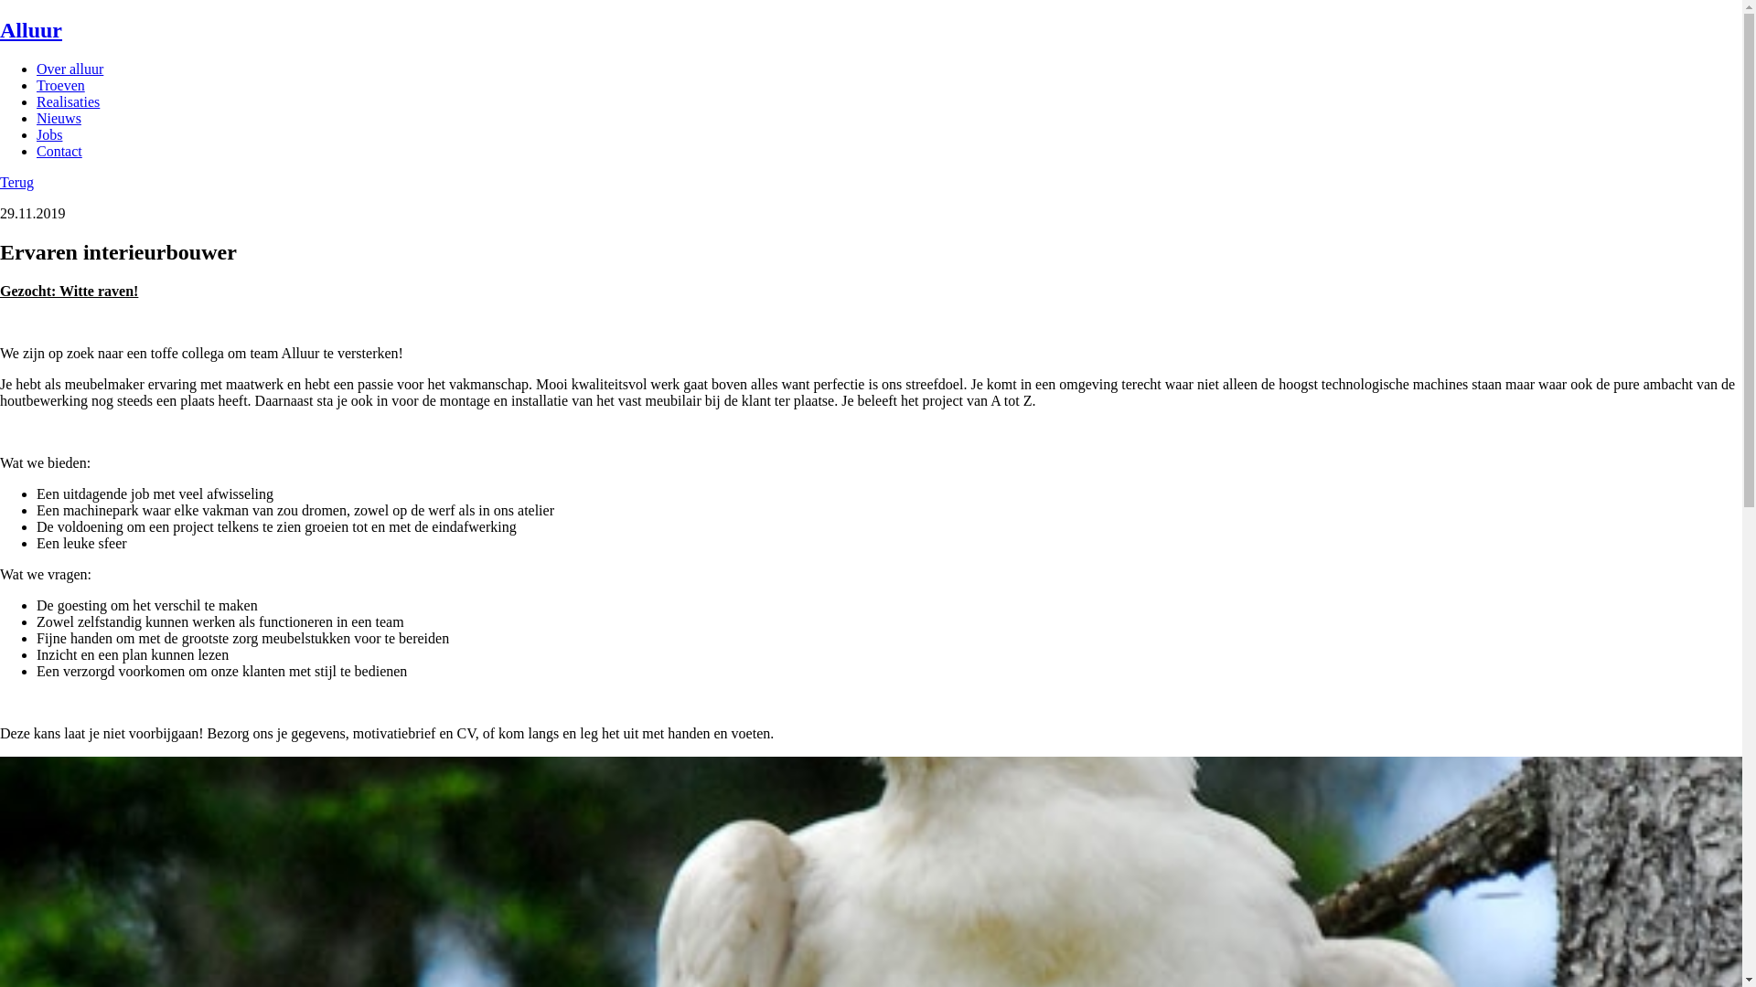  I want to click on 'Over alluur', so click(70, 68).